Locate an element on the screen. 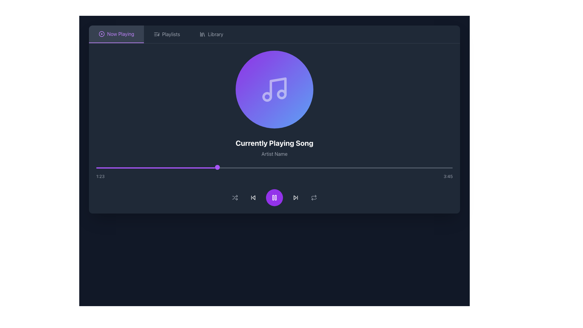 The width and height of the screenshot is (583, 328). the progress bar with a draggable knob is located at coordinates (274, 168).